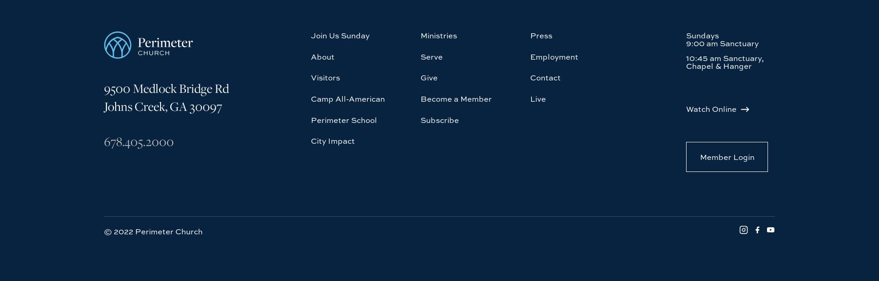 The image size is (879, 281). Describe the element at coordinates (138, 56) in the screenshot. I see `'678.405.2000'` at that location.